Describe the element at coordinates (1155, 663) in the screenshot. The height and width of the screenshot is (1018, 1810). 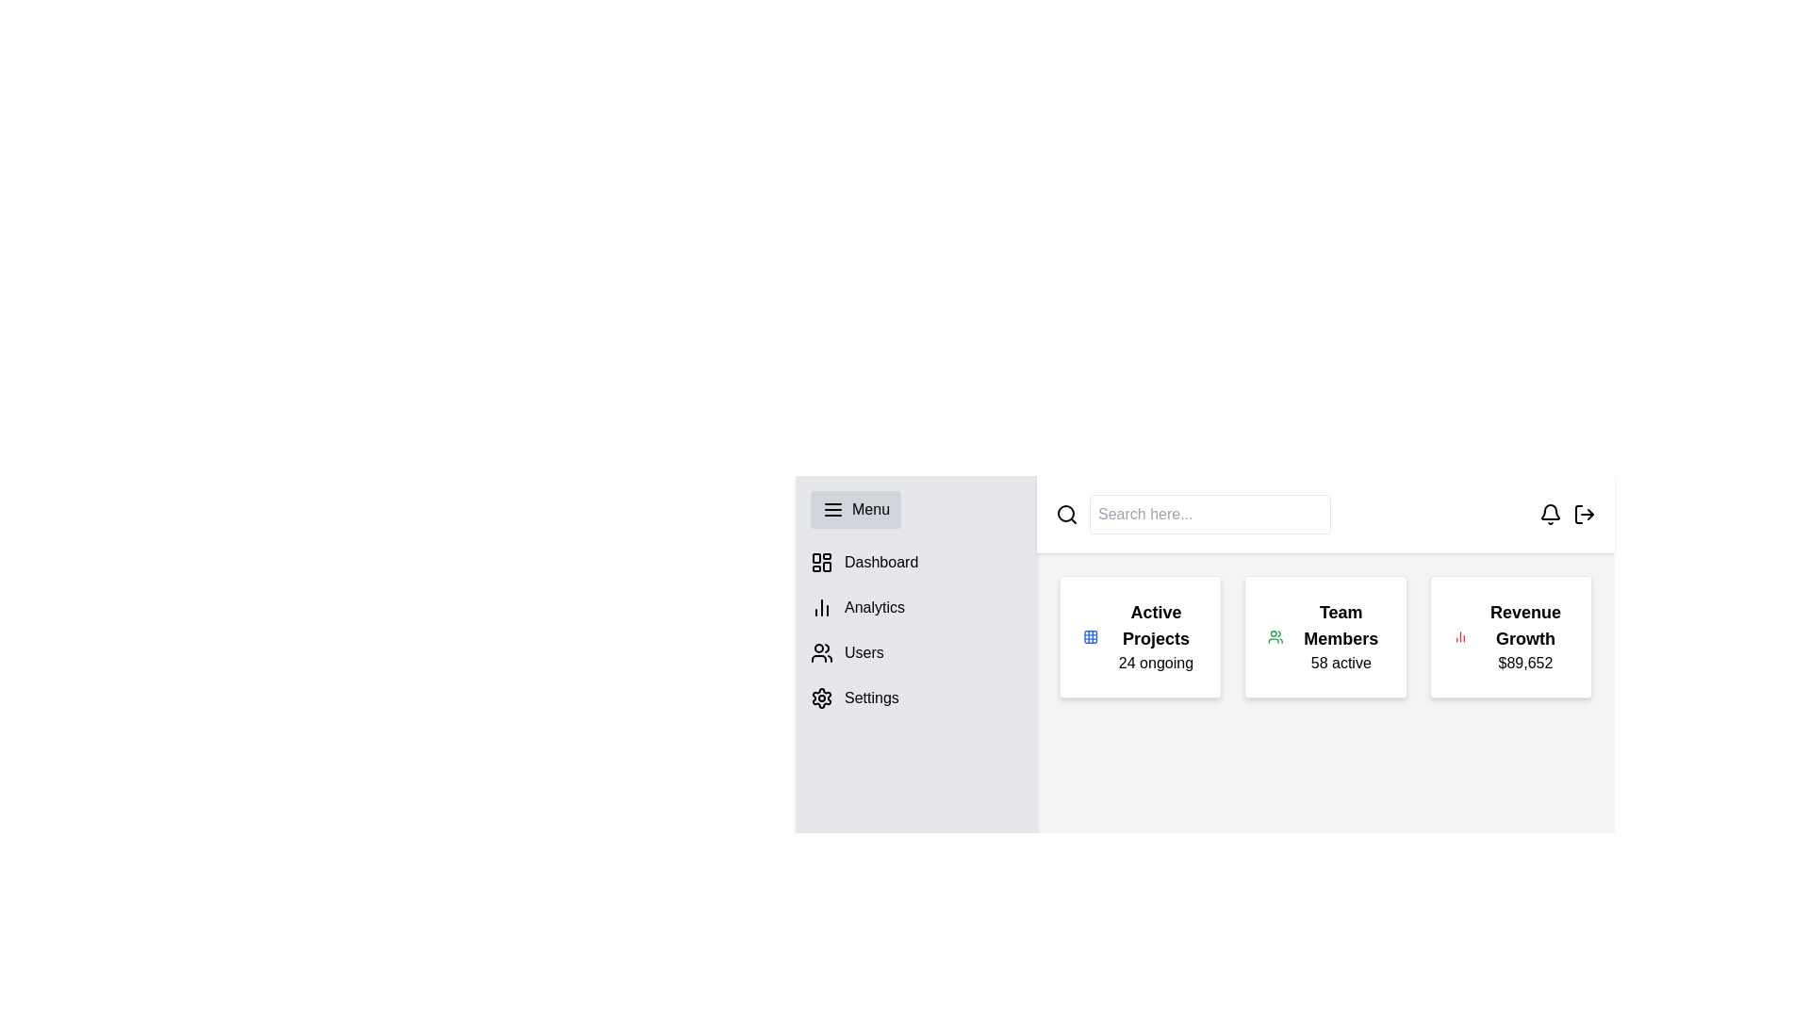
I see `the static text element that indicates the ongoing count of projects, located within the 'Active Projects' card, directly below the 'Active Projects' label` at that location.